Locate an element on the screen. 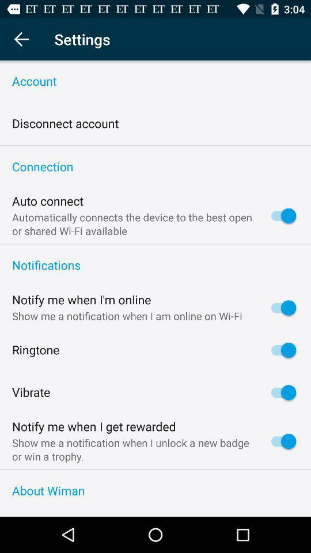 This screenshot has height=553, width=311. the item below the disconnect account icon is located at coordinates (155, 145).